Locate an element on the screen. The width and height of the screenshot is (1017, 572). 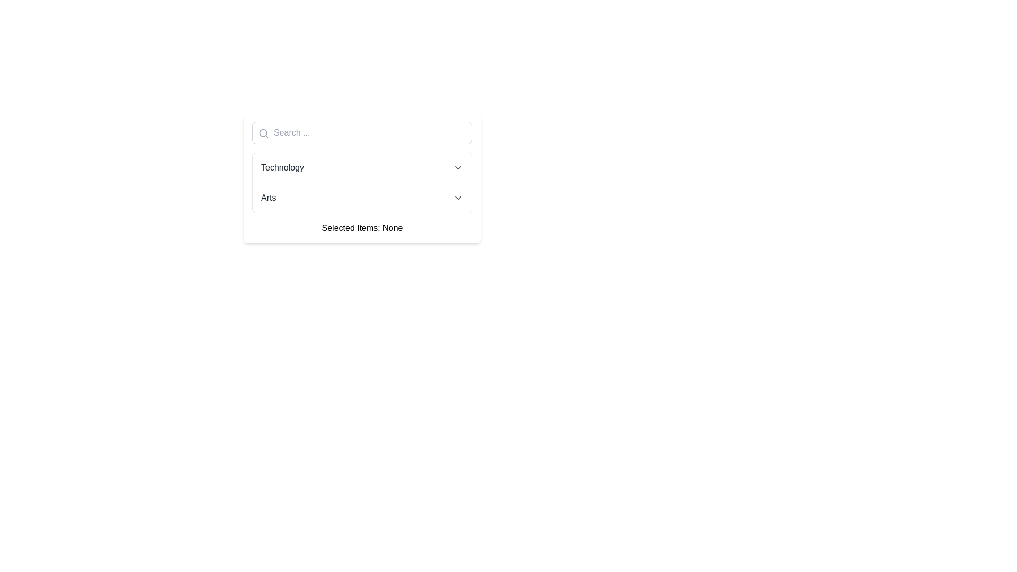
the small downward-facing chevron icon on the right side of the 'Arts' list item is located at coordinates (458, 198).